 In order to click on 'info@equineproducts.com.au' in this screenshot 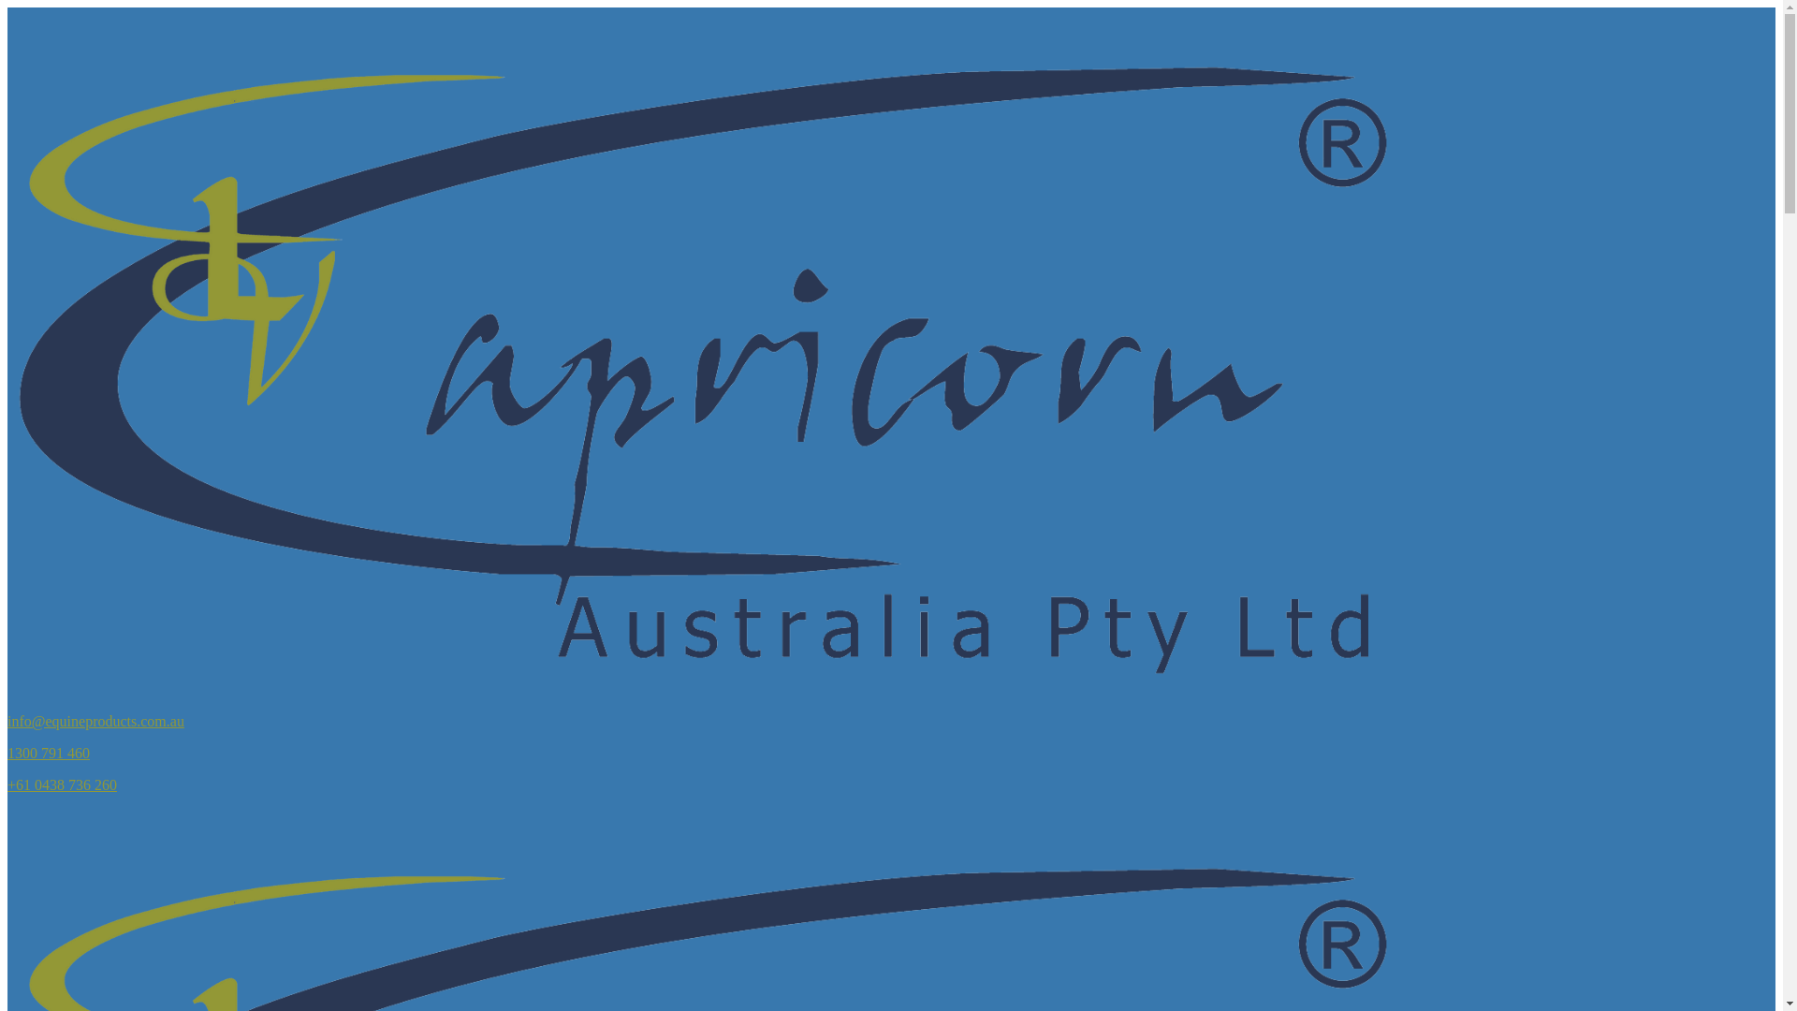, I will do `click(95, 720)`.